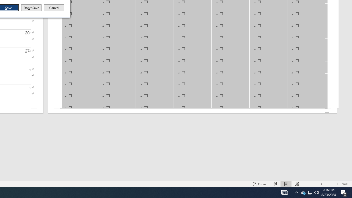 Image resolution: width=352 pixels, height=198 pixels. What do you see at coordinates (296, 184) in the screenshot?
I see `'Web Layout'` at bounding box center [296, 184].